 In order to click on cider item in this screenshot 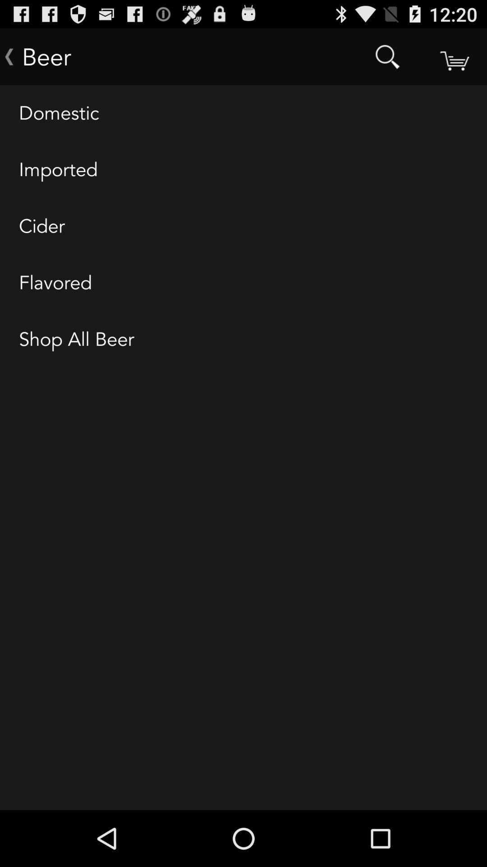, I will do `click(243, 227)`.